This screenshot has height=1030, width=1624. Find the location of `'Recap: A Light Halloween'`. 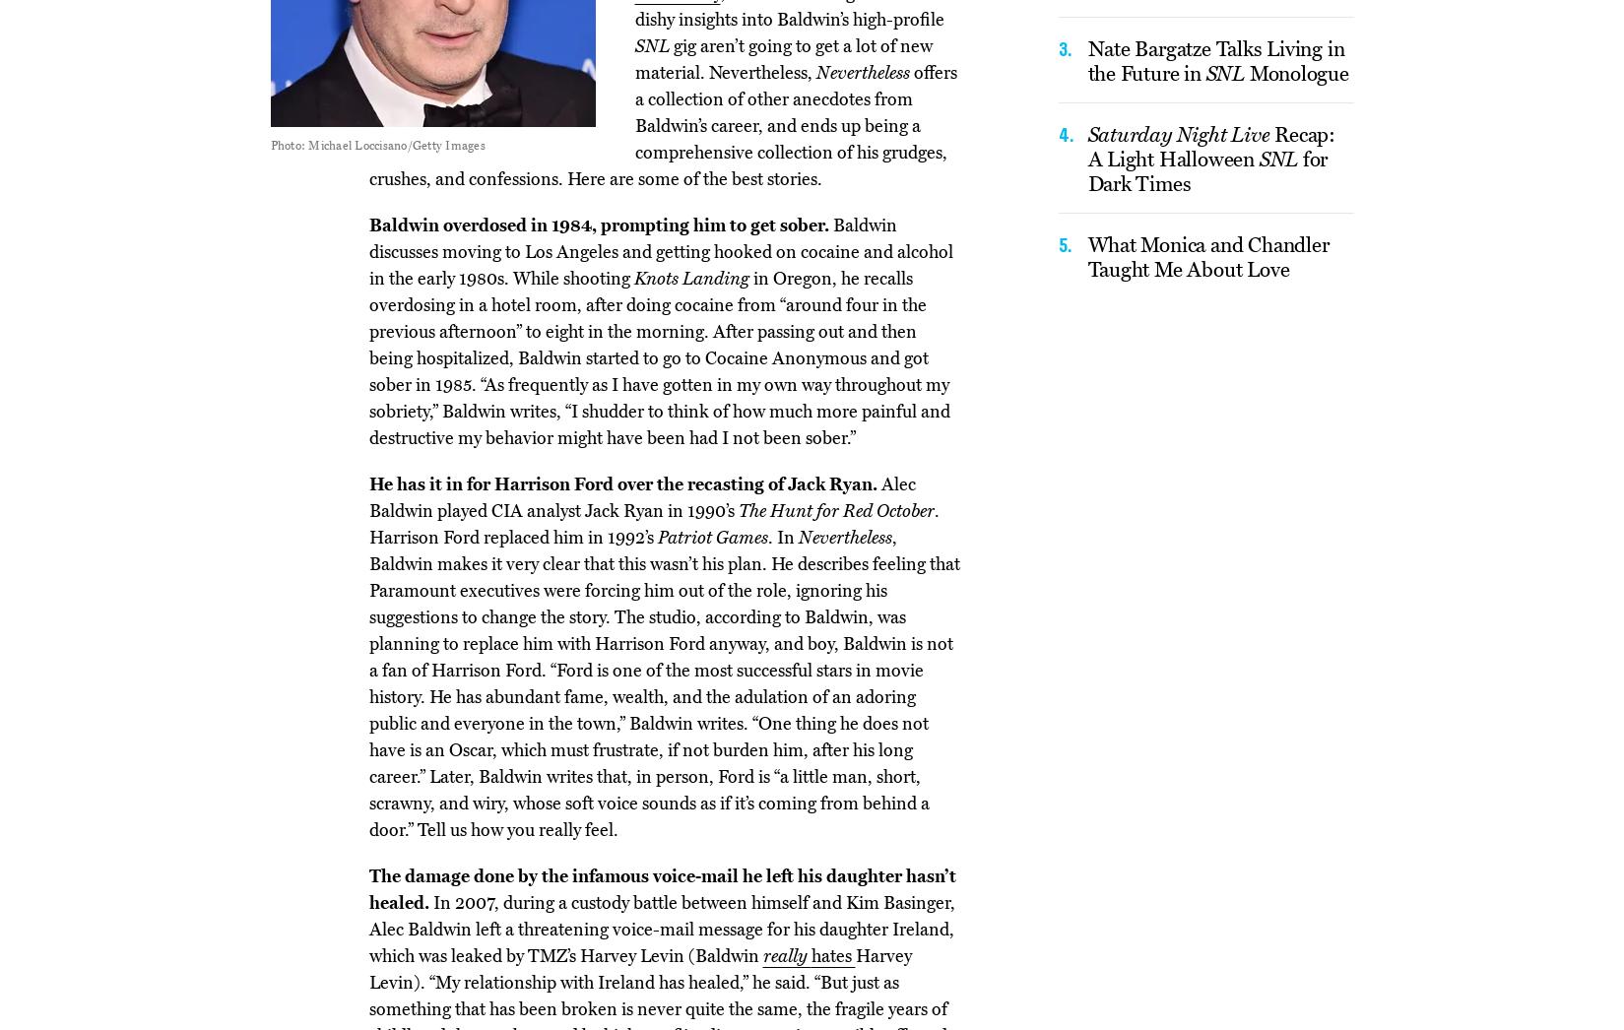

'Recap: A Light Halloween' is located at coordinates (1210, 145).